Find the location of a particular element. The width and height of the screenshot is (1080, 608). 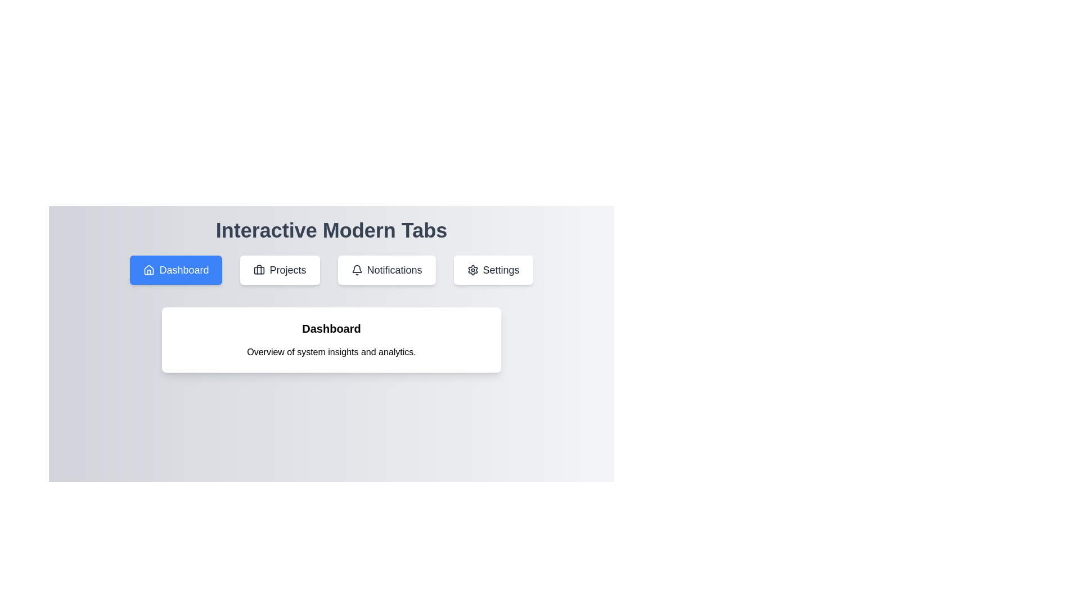

the 'Settings' text label within the navigation button is located at coordinates (501, 270).